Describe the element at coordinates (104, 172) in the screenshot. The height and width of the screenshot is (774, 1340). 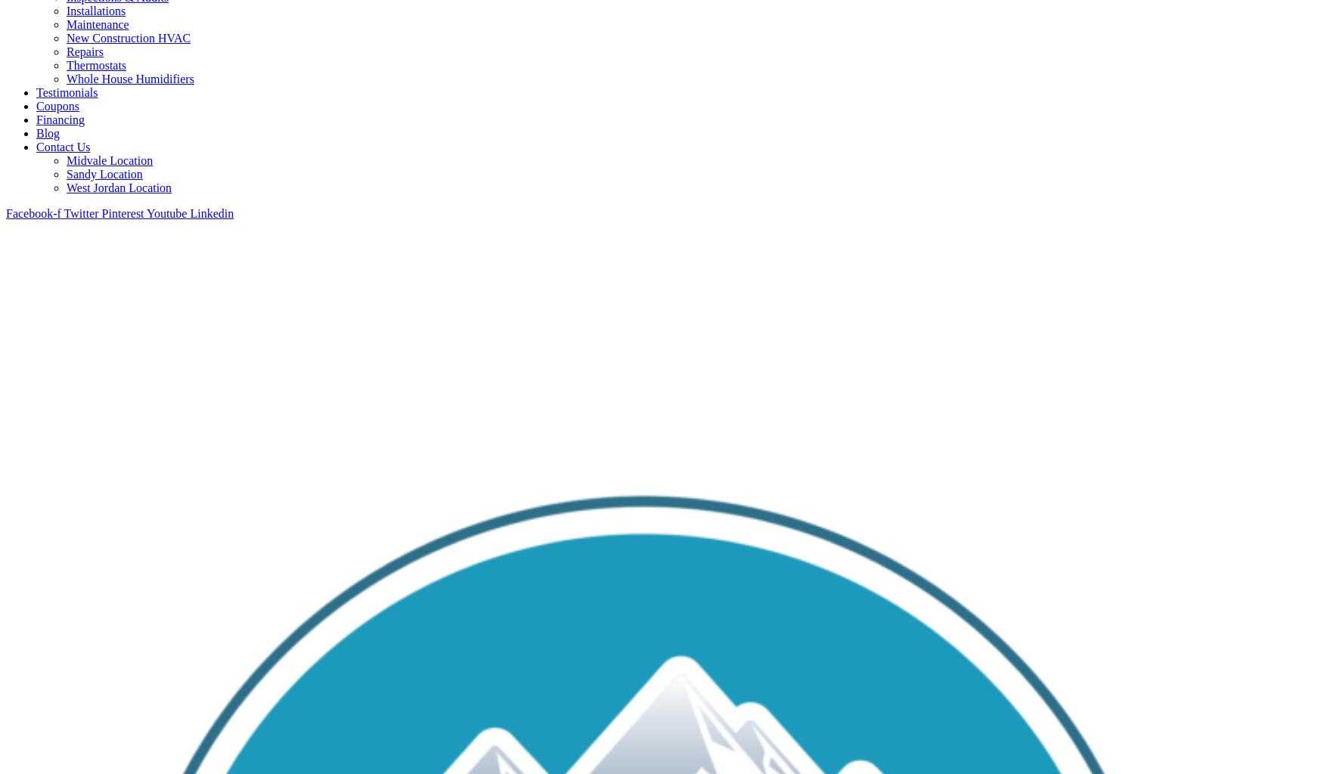
I see `'Sandy Location'` at that location.